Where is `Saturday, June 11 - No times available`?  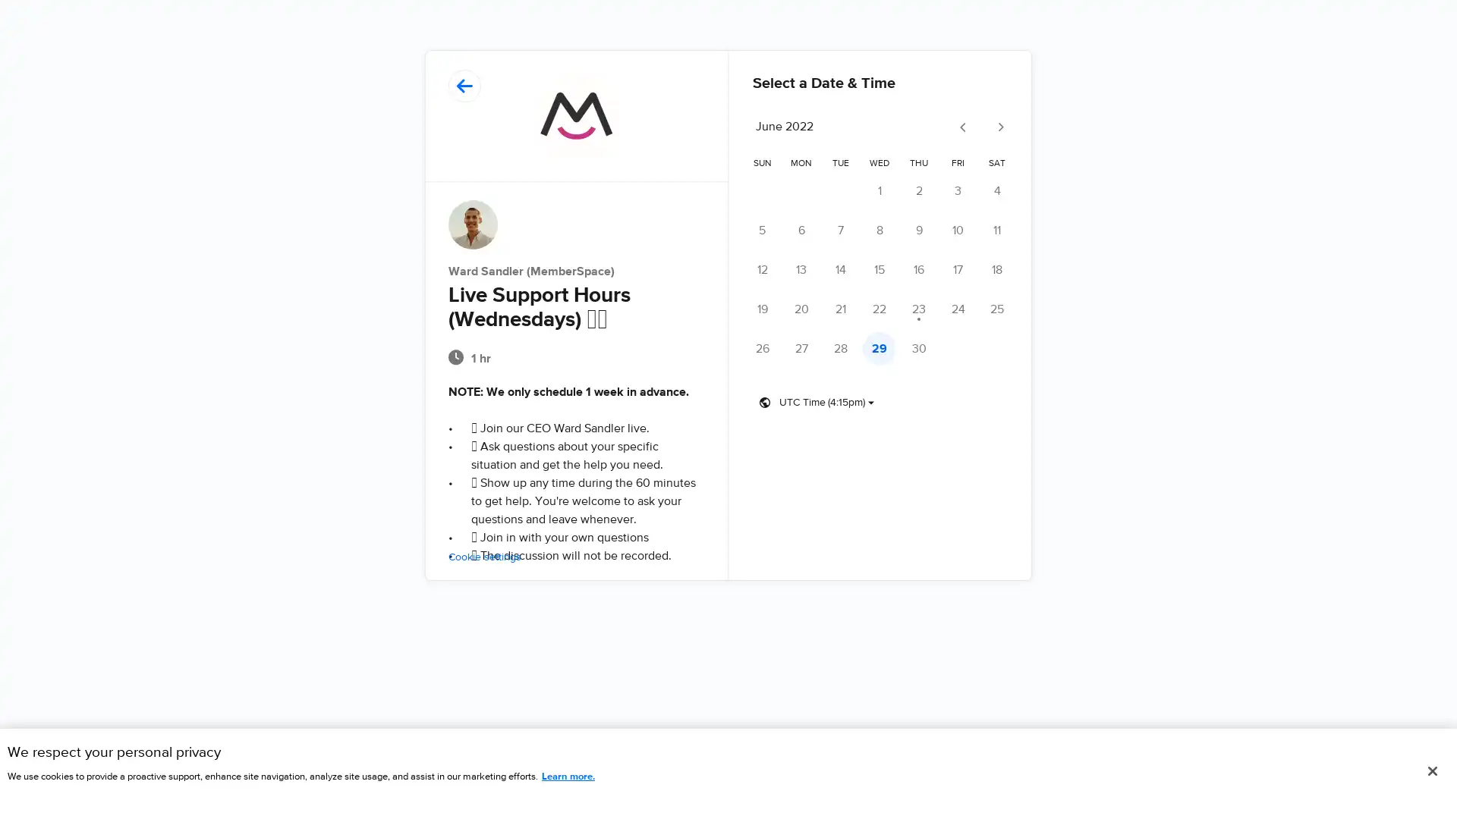
Saturday, June 11 - No times available is located at coordinates (997, 231).